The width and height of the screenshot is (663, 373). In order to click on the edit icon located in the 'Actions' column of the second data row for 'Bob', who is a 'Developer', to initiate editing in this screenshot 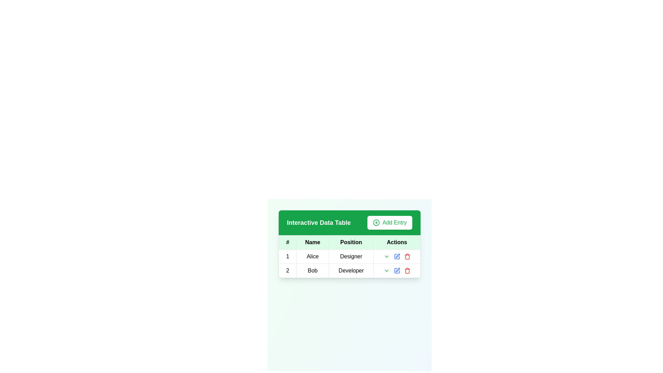, I will do `click(397, 270)`.